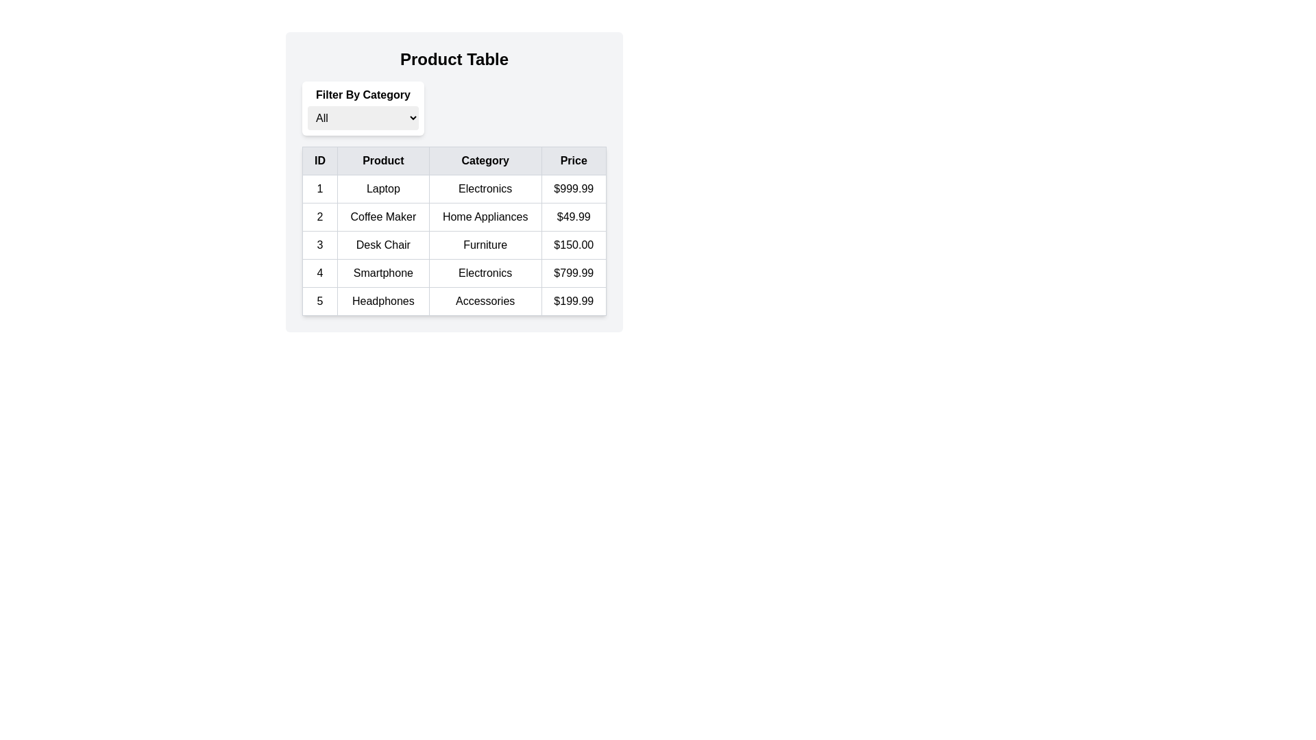 This screenshot has height=740, width=1316. What do you see at coordinates (574, 160) in the screenshot?
I see `the price header label in the table, which is located immediately to the right of the 'Category' header and provides context for the price-related data` at bounding box center [574, 160].